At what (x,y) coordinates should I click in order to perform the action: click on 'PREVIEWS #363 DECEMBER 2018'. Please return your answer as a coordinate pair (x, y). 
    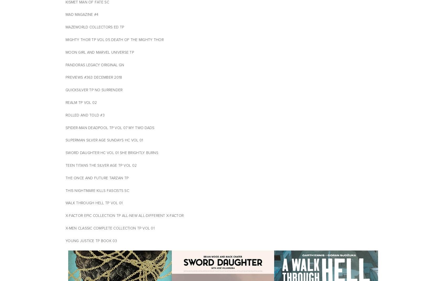
    Looking at the image, I should click on (93, 77).